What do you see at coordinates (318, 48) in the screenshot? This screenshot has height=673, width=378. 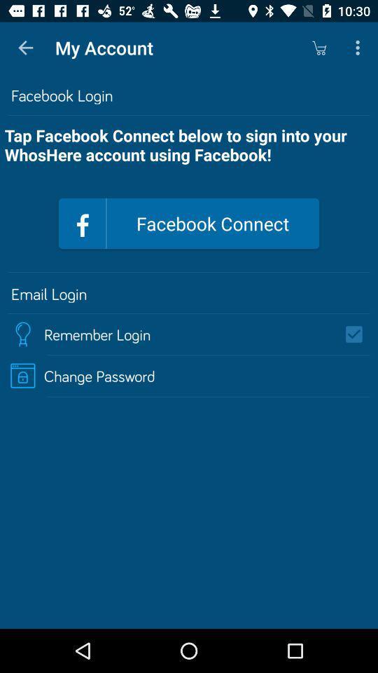 I see `the item above facebook login item` at bounding box center [318, 48].